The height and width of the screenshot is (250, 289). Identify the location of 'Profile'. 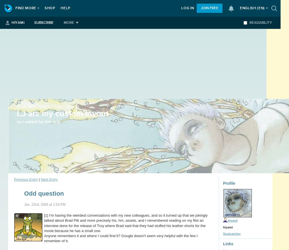
(229, 183).